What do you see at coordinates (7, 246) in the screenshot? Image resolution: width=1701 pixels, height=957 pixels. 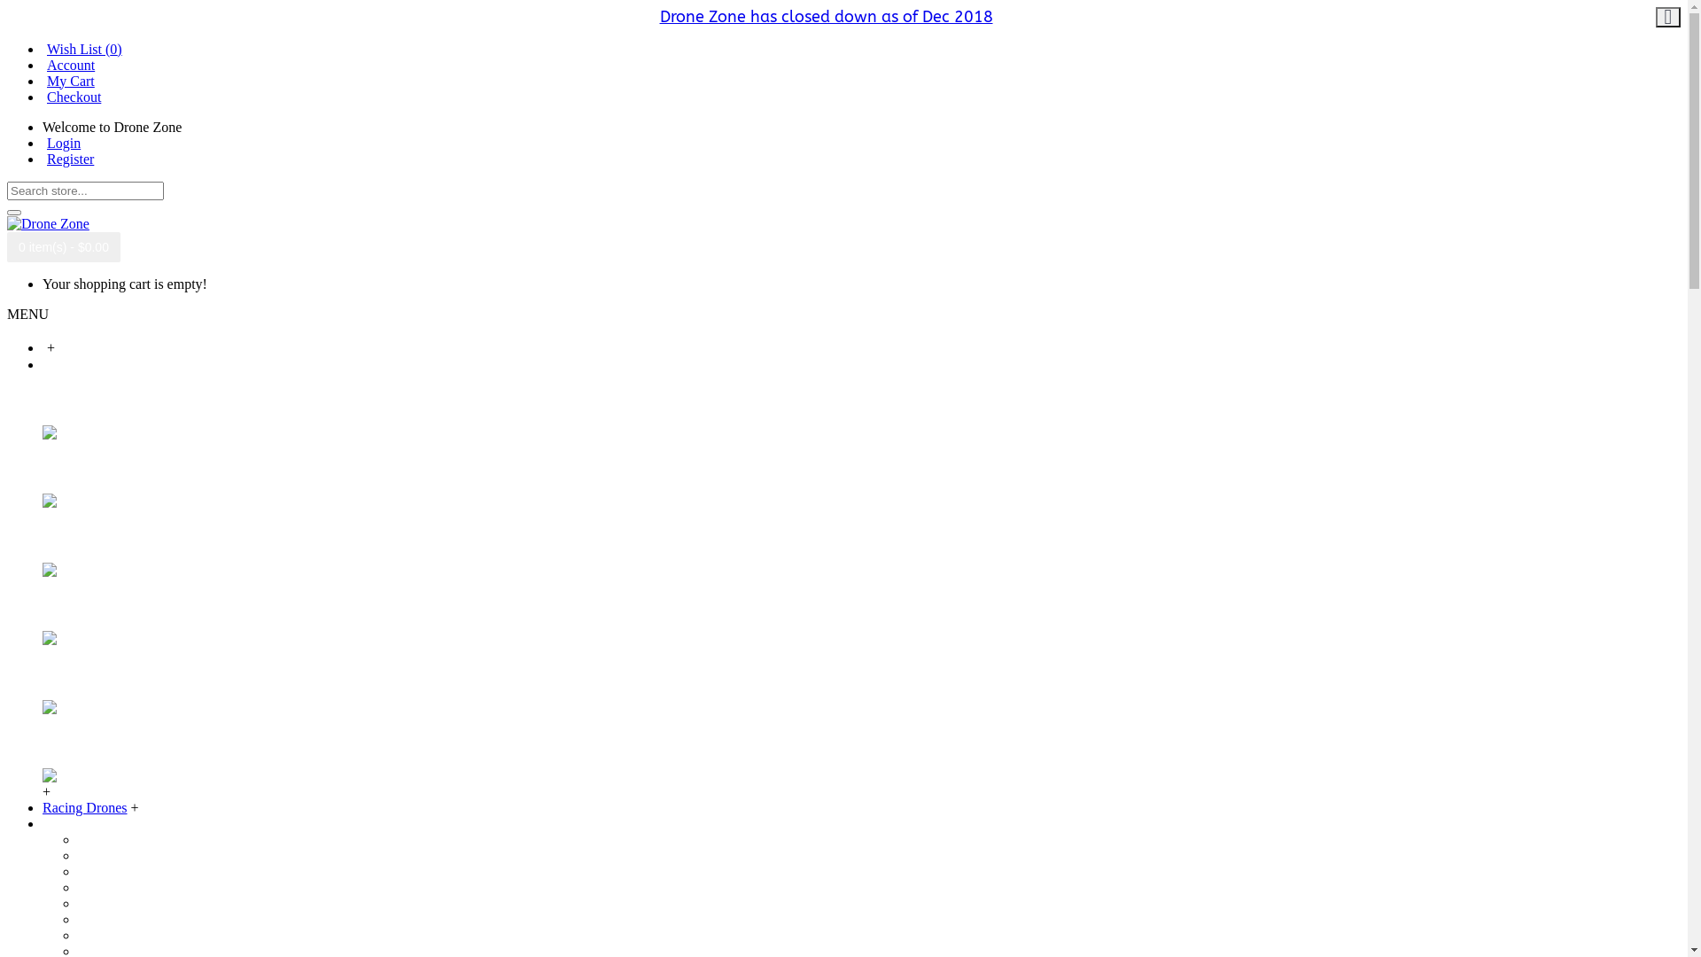 I see `'0 item(s) - $0.00'` at bounding box center [7, 246].